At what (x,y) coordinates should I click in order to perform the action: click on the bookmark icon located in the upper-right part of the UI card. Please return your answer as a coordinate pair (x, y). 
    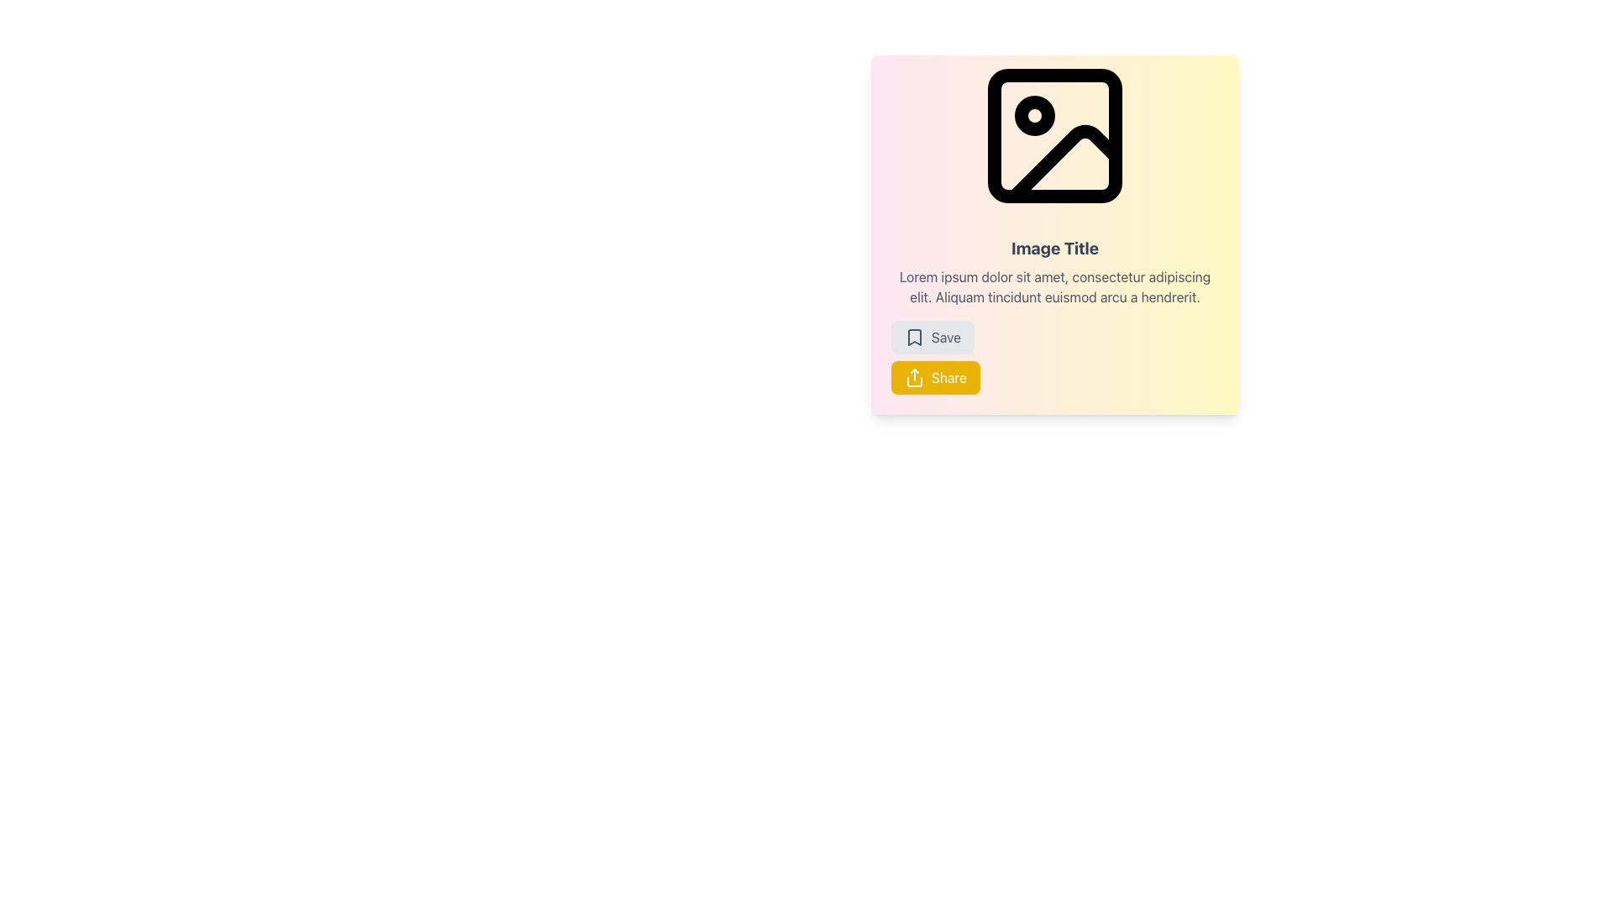
    Looking at the image, I should click on (914, 337).